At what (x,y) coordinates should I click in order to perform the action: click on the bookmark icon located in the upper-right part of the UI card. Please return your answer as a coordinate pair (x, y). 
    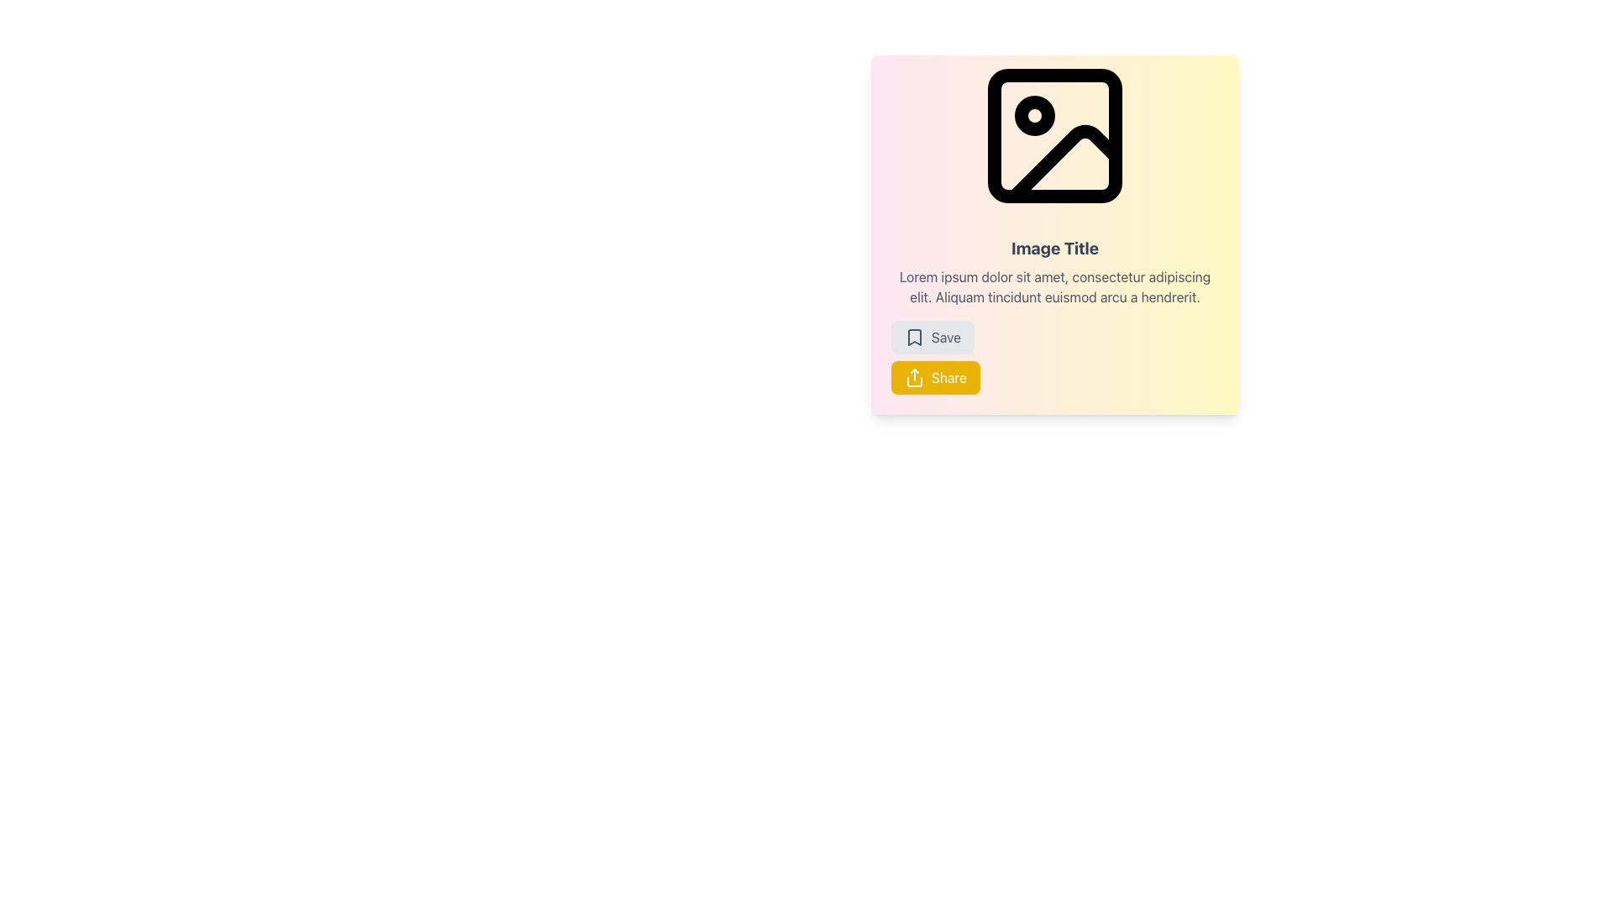
    Looking at the image, I should click on (914, 337).